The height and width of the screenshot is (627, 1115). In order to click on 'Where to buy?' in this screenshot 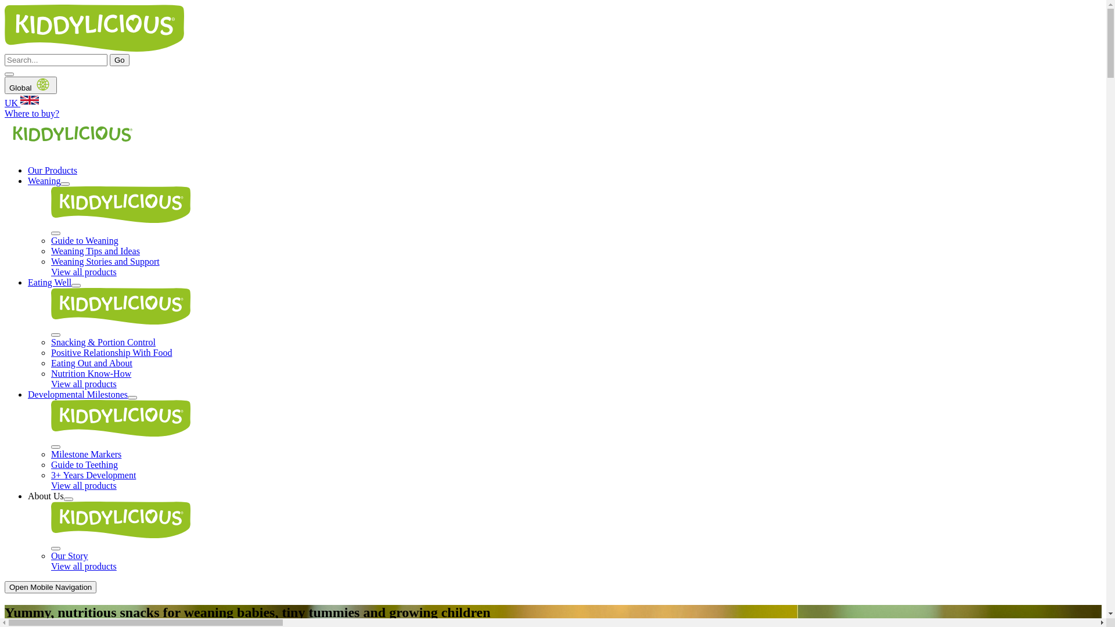, I will do `click(5, 113)`.